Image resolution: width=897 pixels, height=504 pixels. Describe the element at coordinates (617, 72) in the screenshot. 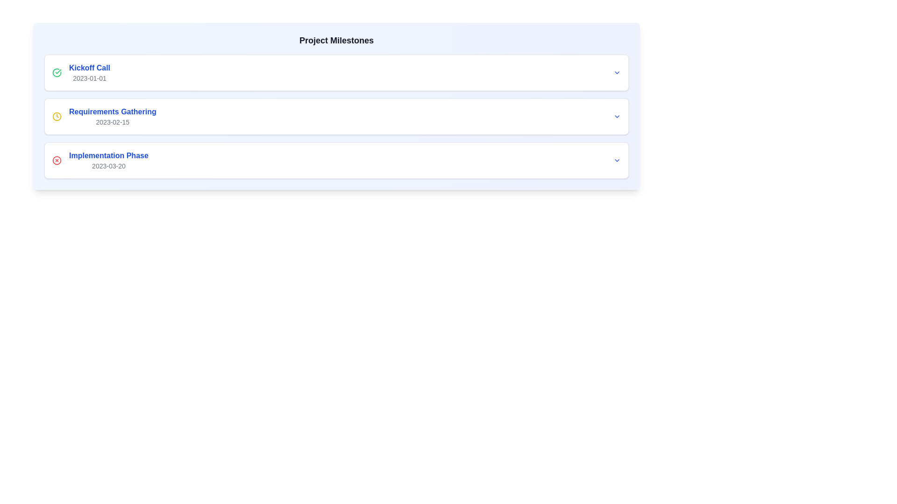

I see `the dropdown toggle button located at the far right of the 'Kickoff Call' milestone in the 'Project Milestones' section` at that location.